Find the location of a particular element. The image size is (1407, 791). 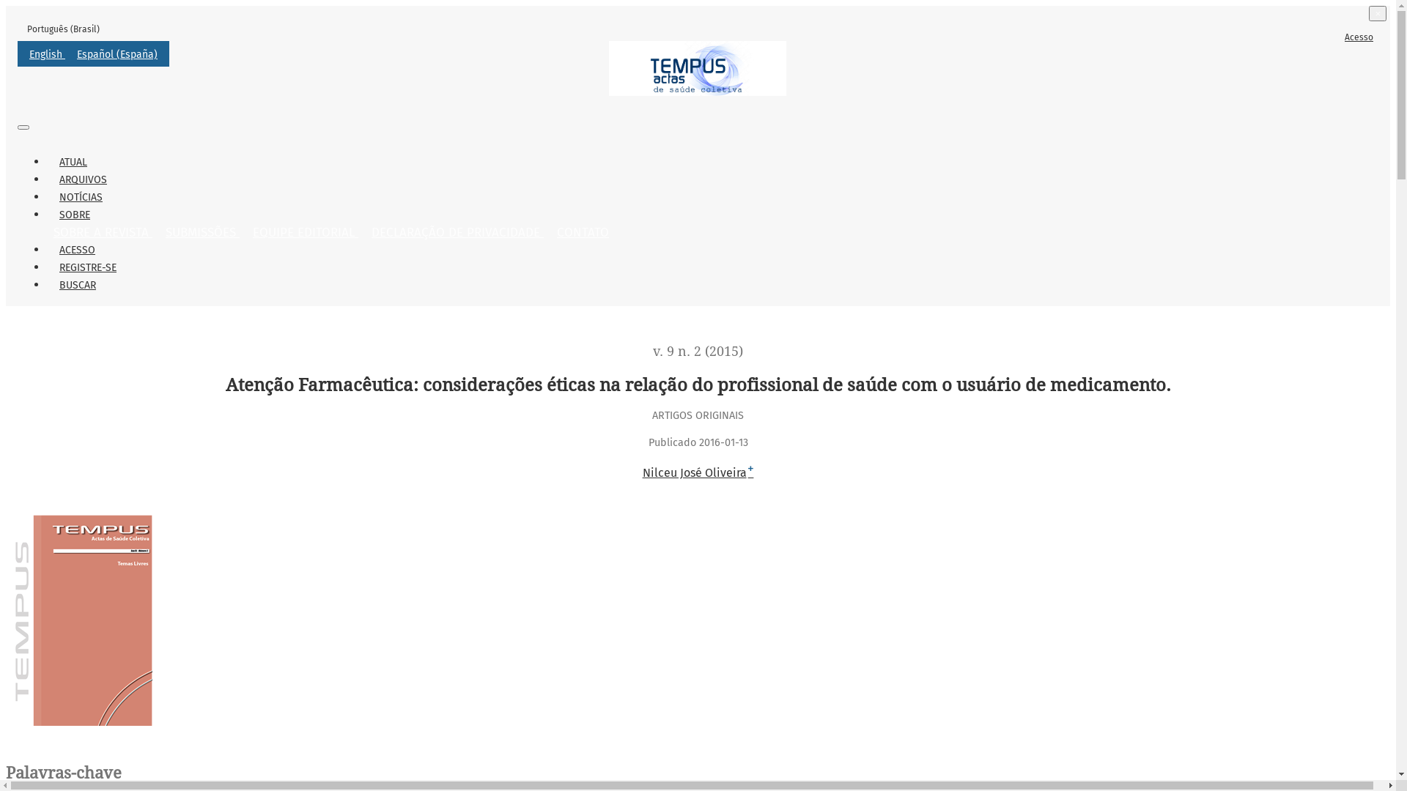

'REGISTRE-SE' is located at coordinates (46, 267).